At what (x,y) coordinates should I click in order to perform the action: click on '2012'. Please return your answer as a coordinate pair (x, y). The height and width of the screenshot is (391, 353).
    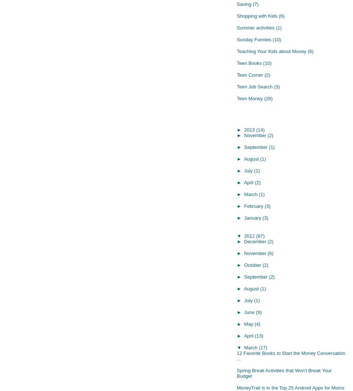
    Looking at the image, I should click on (244, 235).